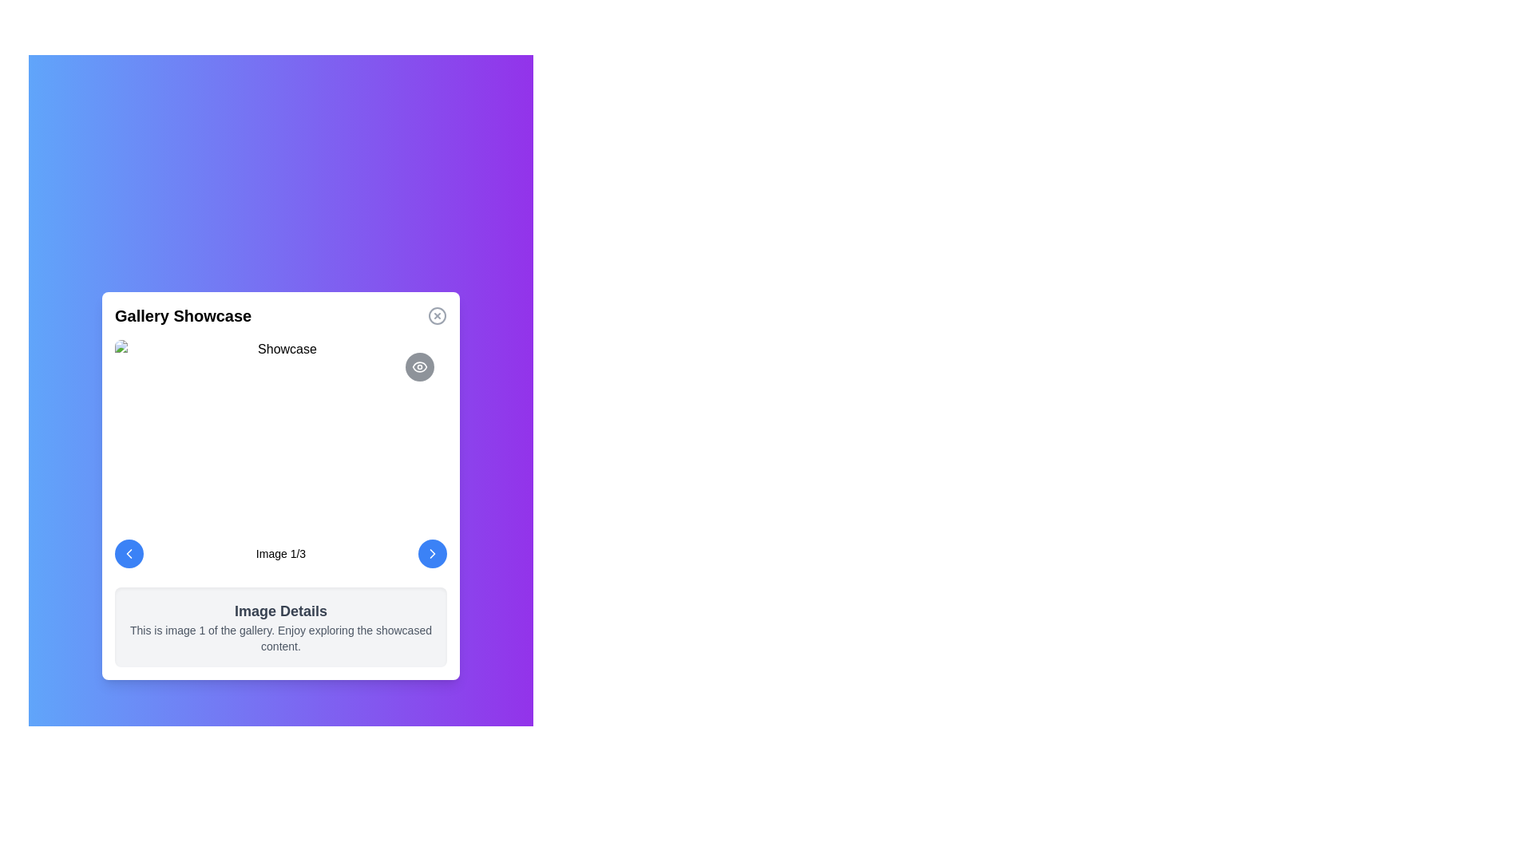  I want to click on the rightward-facing chevron arrow icon within the circular blue button located at the bottom-right corner of the gallery card interface, so click(433, 553).